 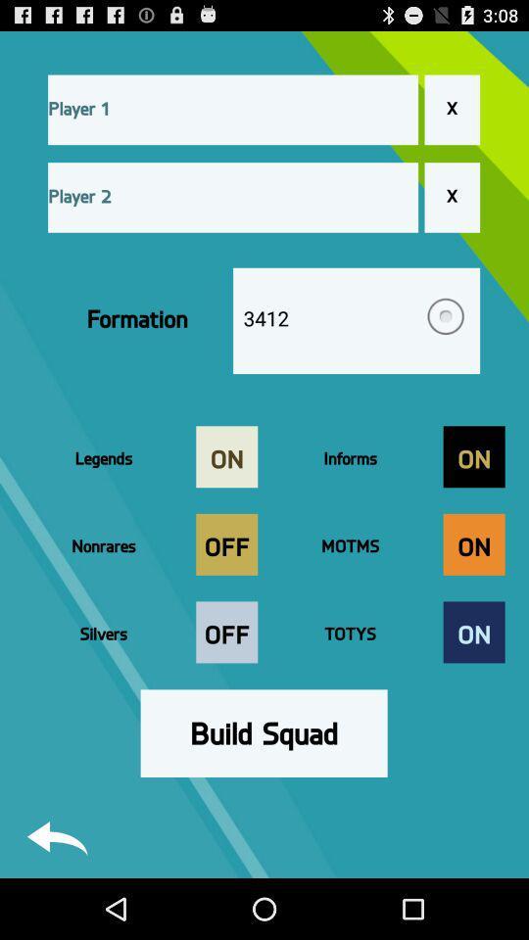 I want to click on player 1, so click(x=233, y=109).